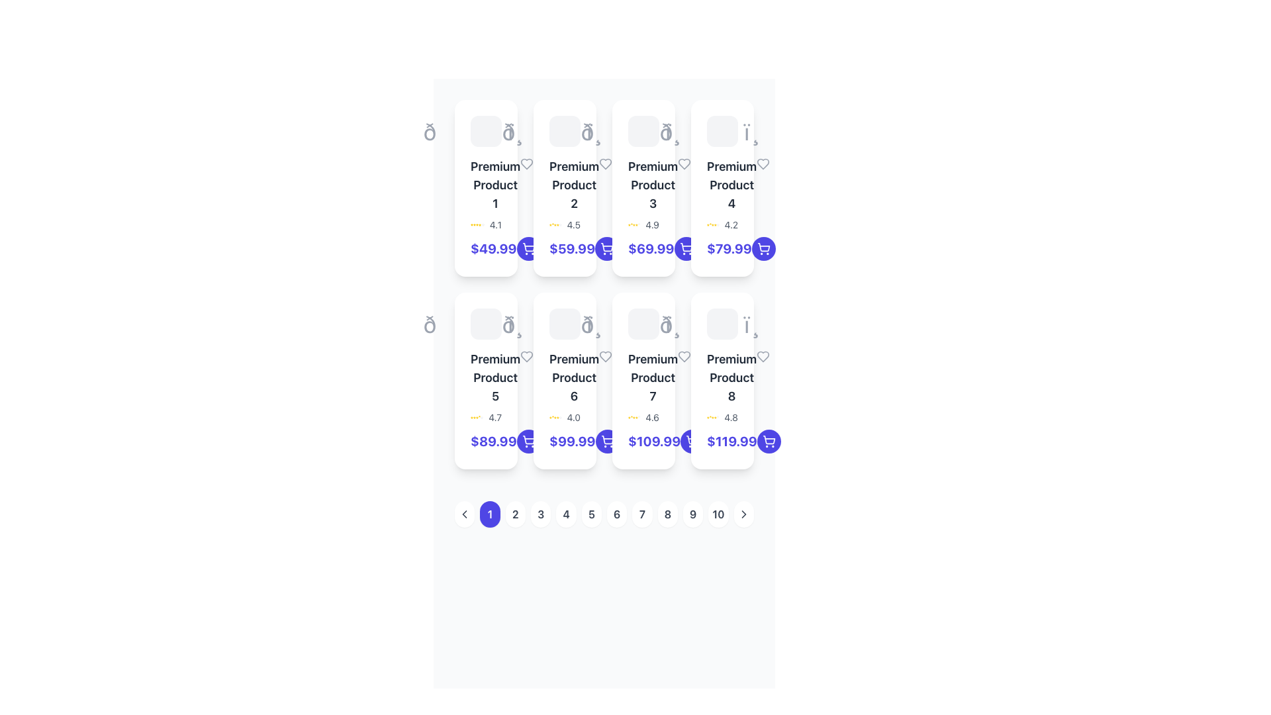 This screenshot has width=1271, height=715. I want to click on the stylized shopping cart icon located in the top-right corner of the 'Premium Product 4' card, so click(763, 247).